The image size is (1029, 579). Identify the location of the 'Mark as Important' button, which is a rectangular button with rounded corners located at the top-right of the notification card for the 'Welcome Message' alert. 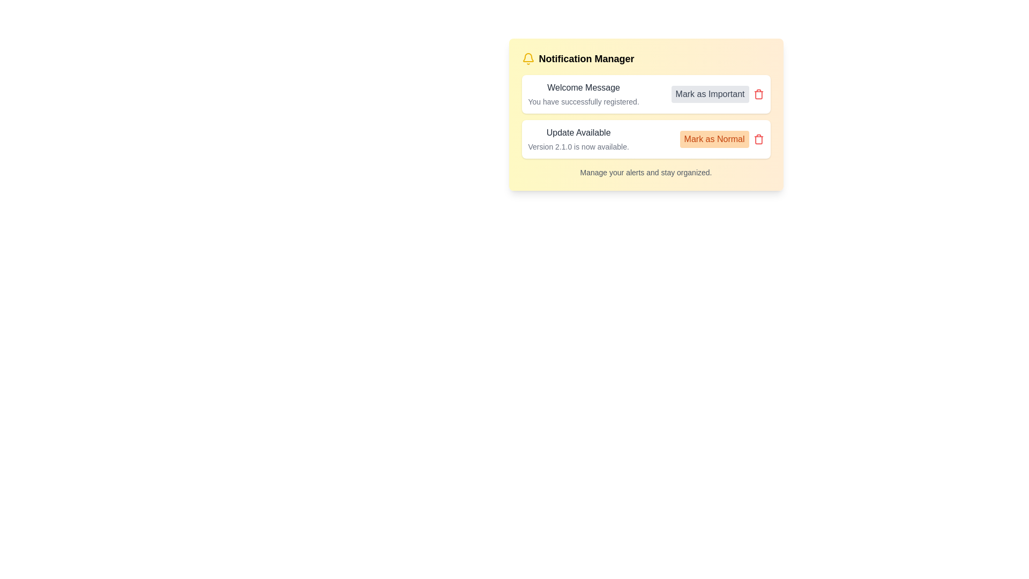
(718, 94).